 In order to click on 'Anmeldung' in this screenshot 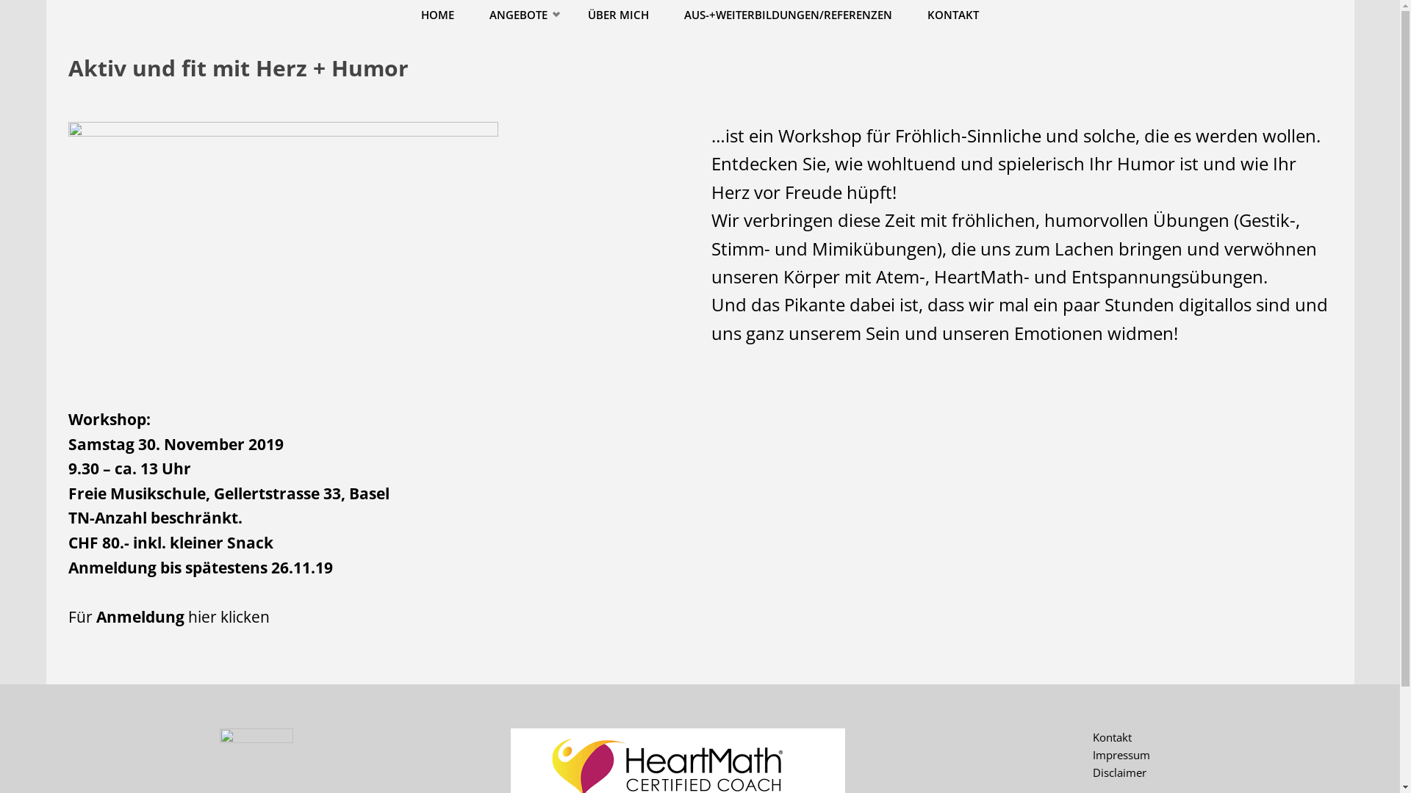, I will do `click(141, 617)`.